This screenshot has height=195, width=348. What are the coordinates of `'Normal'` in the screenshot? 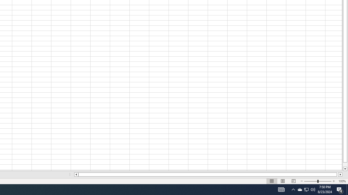 It's located at (272, 181).